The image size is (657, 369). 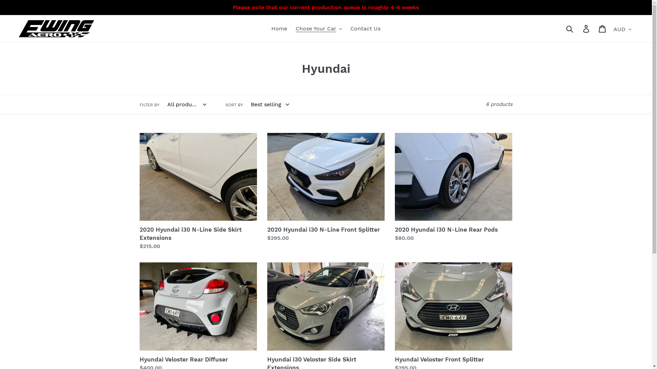 What do you see at coordinates (365, 28) in the screenshot?
I see `'Contact Us'` at bounding box center [365, 28].